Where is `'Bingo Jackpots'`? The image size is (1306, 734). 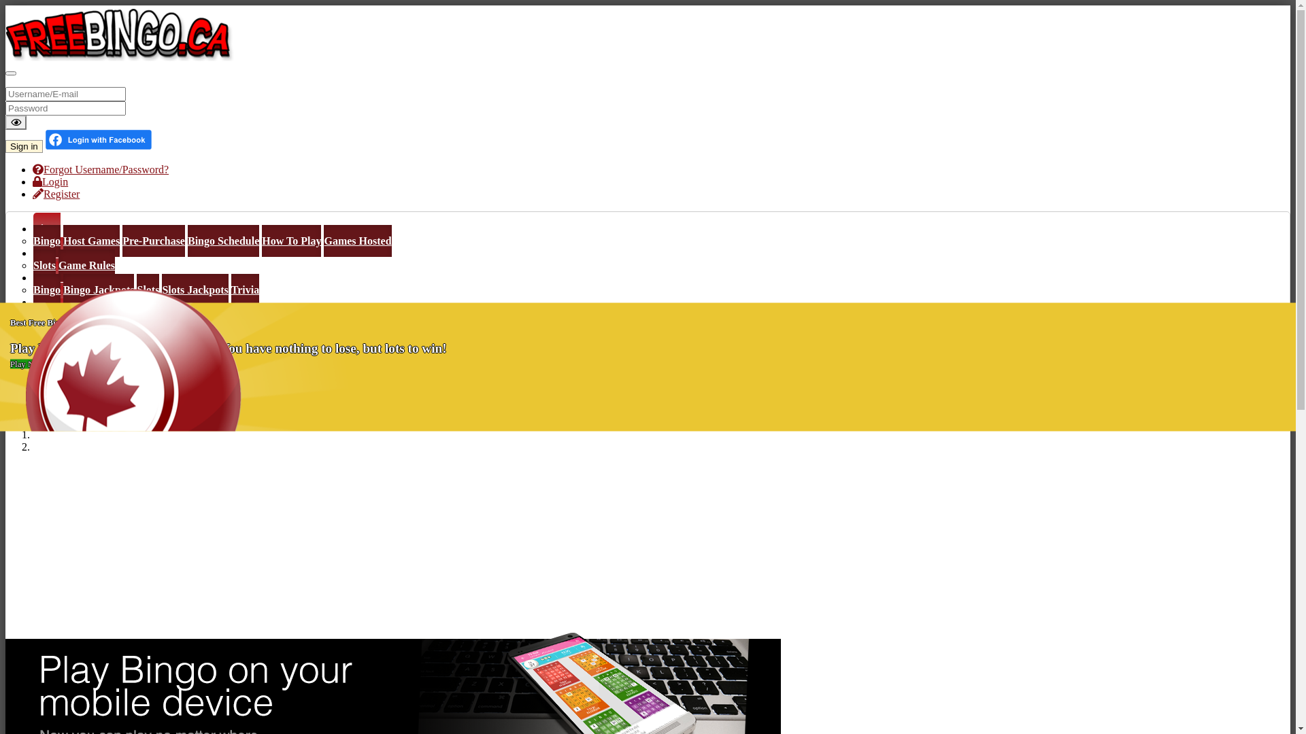 'Bingo Jackpots' is located at coordinates (97, 289).